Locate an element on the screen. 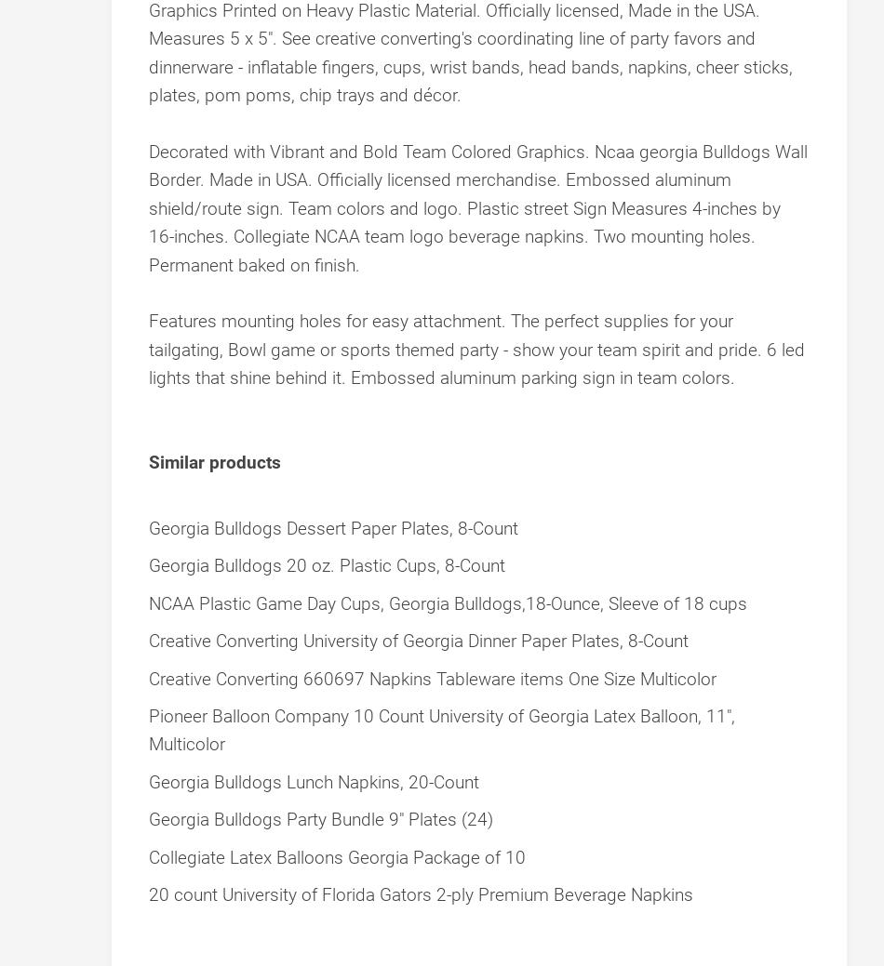 The width and height of the screenshot is (884, 966). 'NCAA Plastic Game Day Cups, Georgia Bulldogs,18-Ounce, Sleeve of 18 cups' is located at coordinates (448, 602).